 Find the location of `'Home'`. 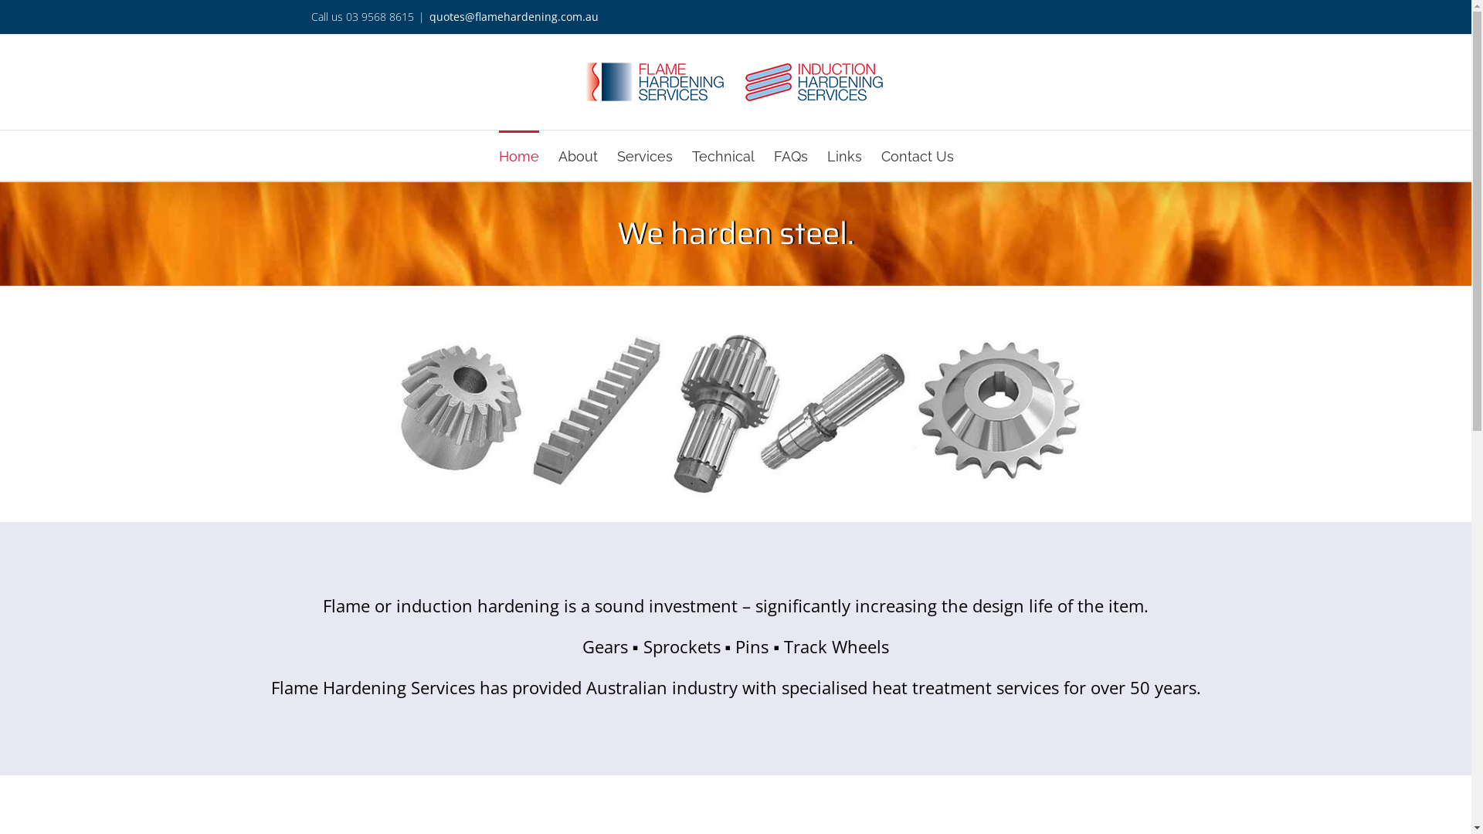

'Home' is located at coordinates (519, 155).